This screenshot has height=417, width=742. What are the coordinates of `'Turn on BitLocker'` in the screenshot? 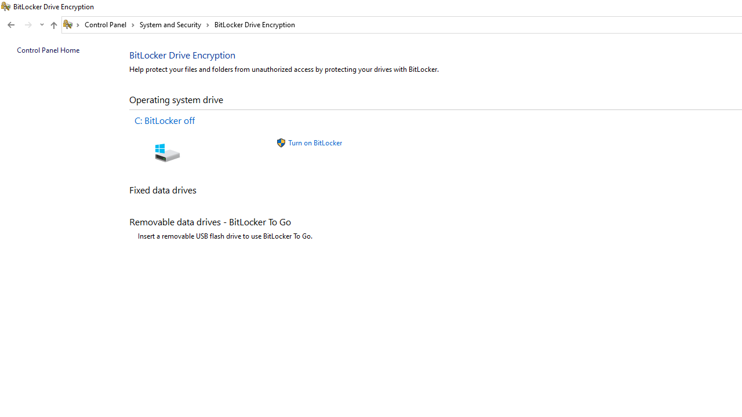 It's located at (315, 142).